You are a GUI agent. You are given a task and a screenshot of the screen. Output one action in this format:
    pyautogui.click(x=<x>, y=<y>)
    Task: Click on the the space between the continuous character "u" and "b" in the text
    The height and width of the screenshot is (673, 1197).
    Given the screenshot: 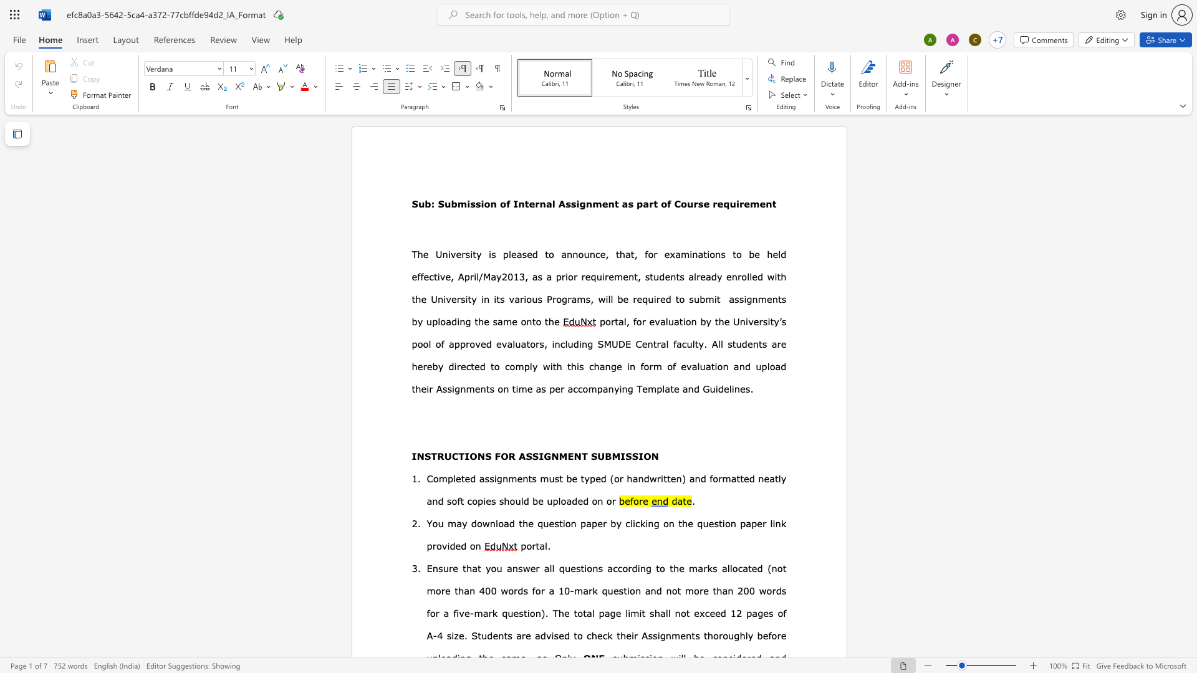 What is the action you would take?
    pyautogui.click(x=699, y=298)
    